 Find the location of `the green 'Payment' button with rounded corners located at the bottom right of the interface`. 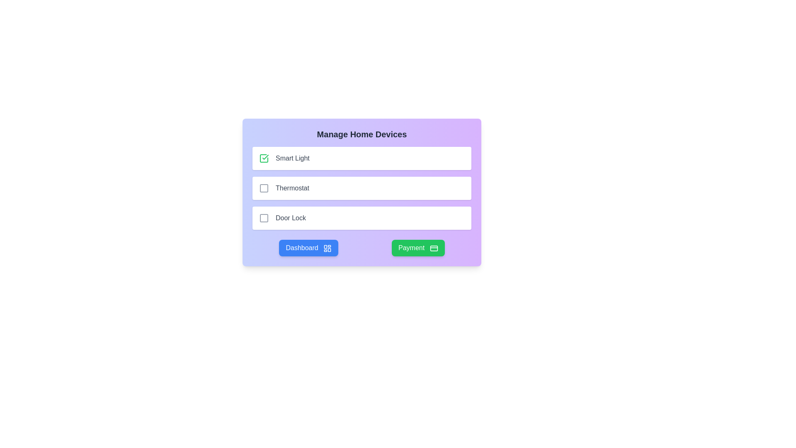

the green 'Payment' button with rounded corners located at the bottom right of the interface is located at coordinates (418, 247).